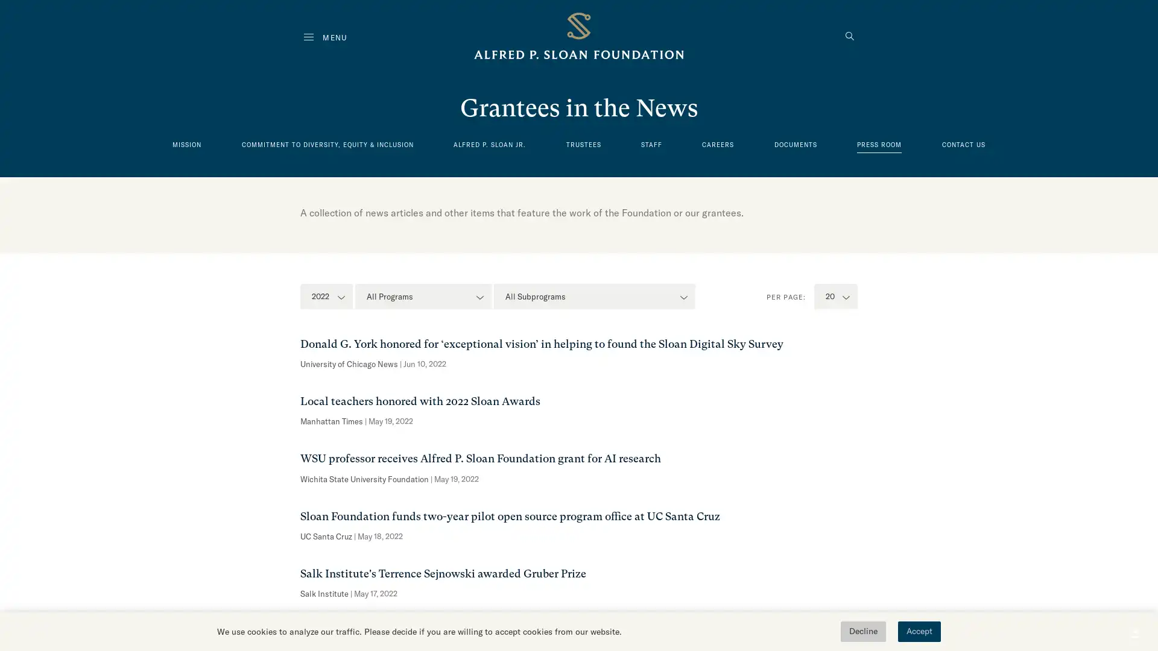  What do you see at coordinates (862, 631) in the screenshot?
I see `Decline` at bounding box center [862, 631].